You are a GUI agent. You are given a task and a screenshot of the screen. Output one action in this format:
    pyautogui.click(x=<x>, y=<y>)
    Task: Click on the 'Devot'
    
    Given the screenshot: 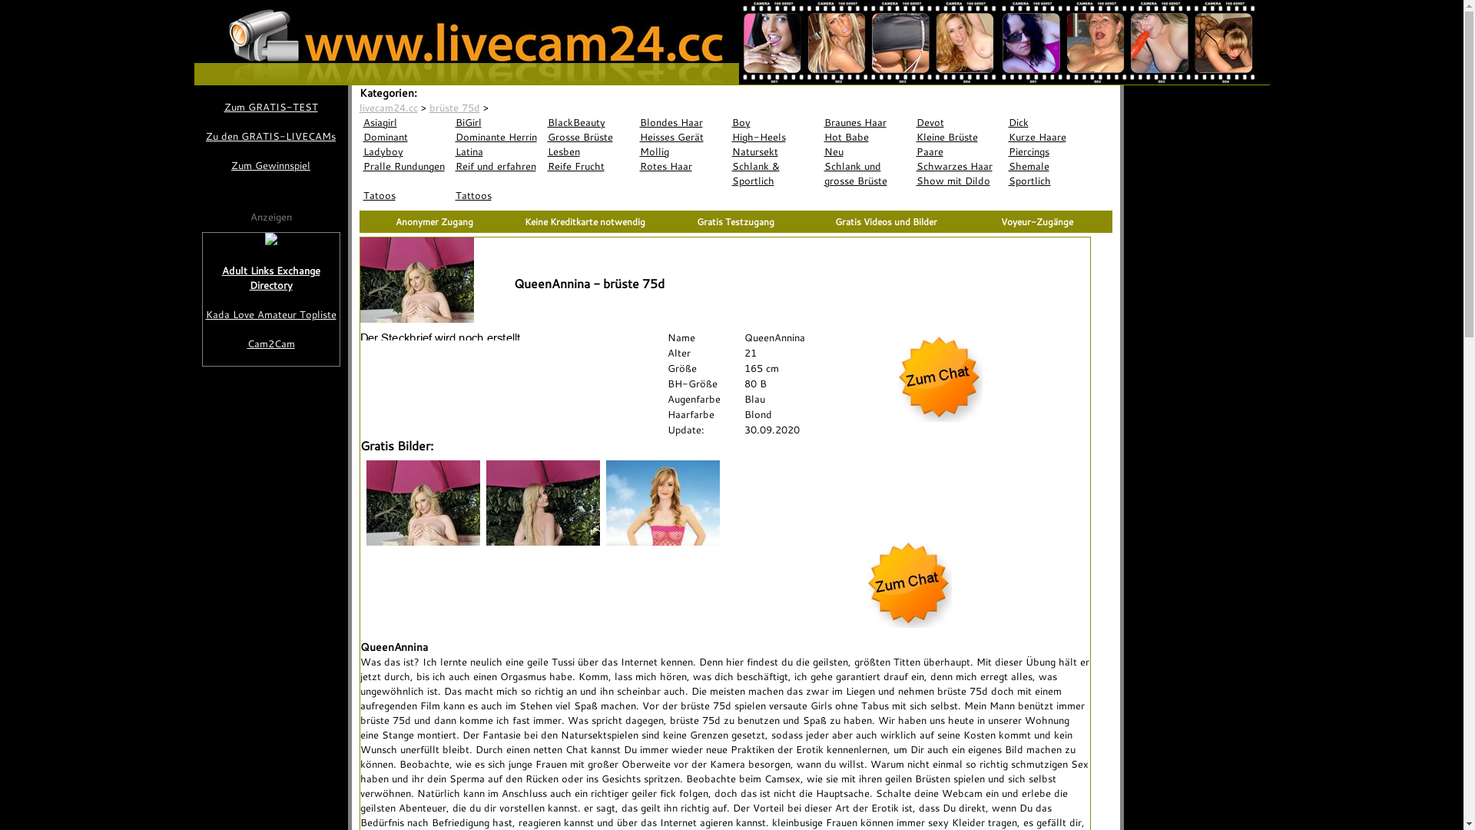 What is the action you would take?
    pyautogui.click(x=958, y=121)
    